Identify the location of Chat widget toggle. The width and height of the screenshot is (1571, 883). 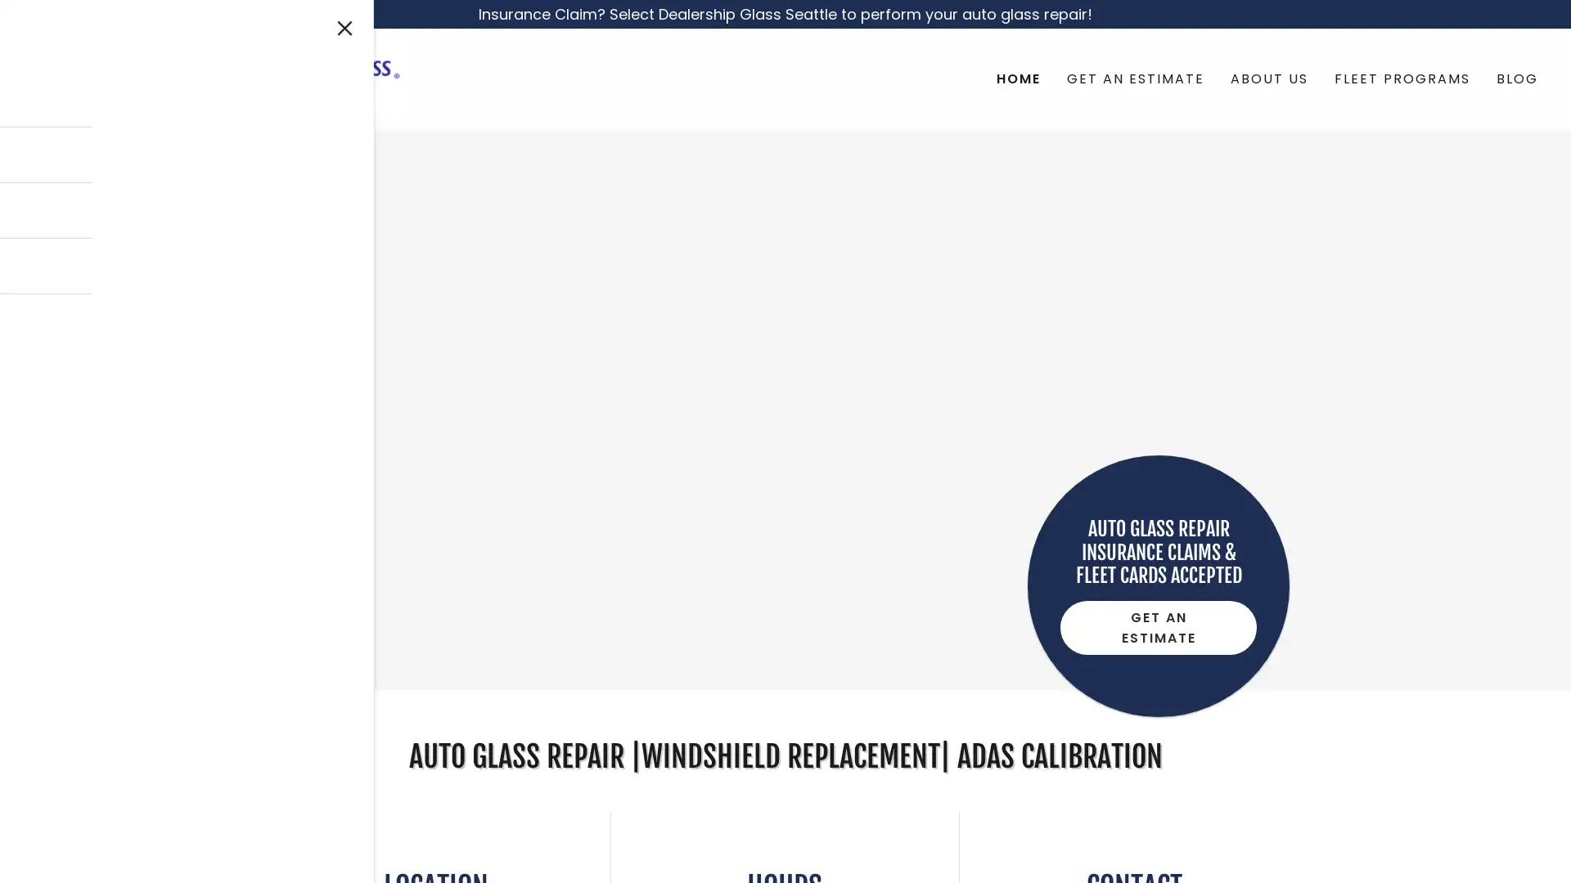
(1528, 841).